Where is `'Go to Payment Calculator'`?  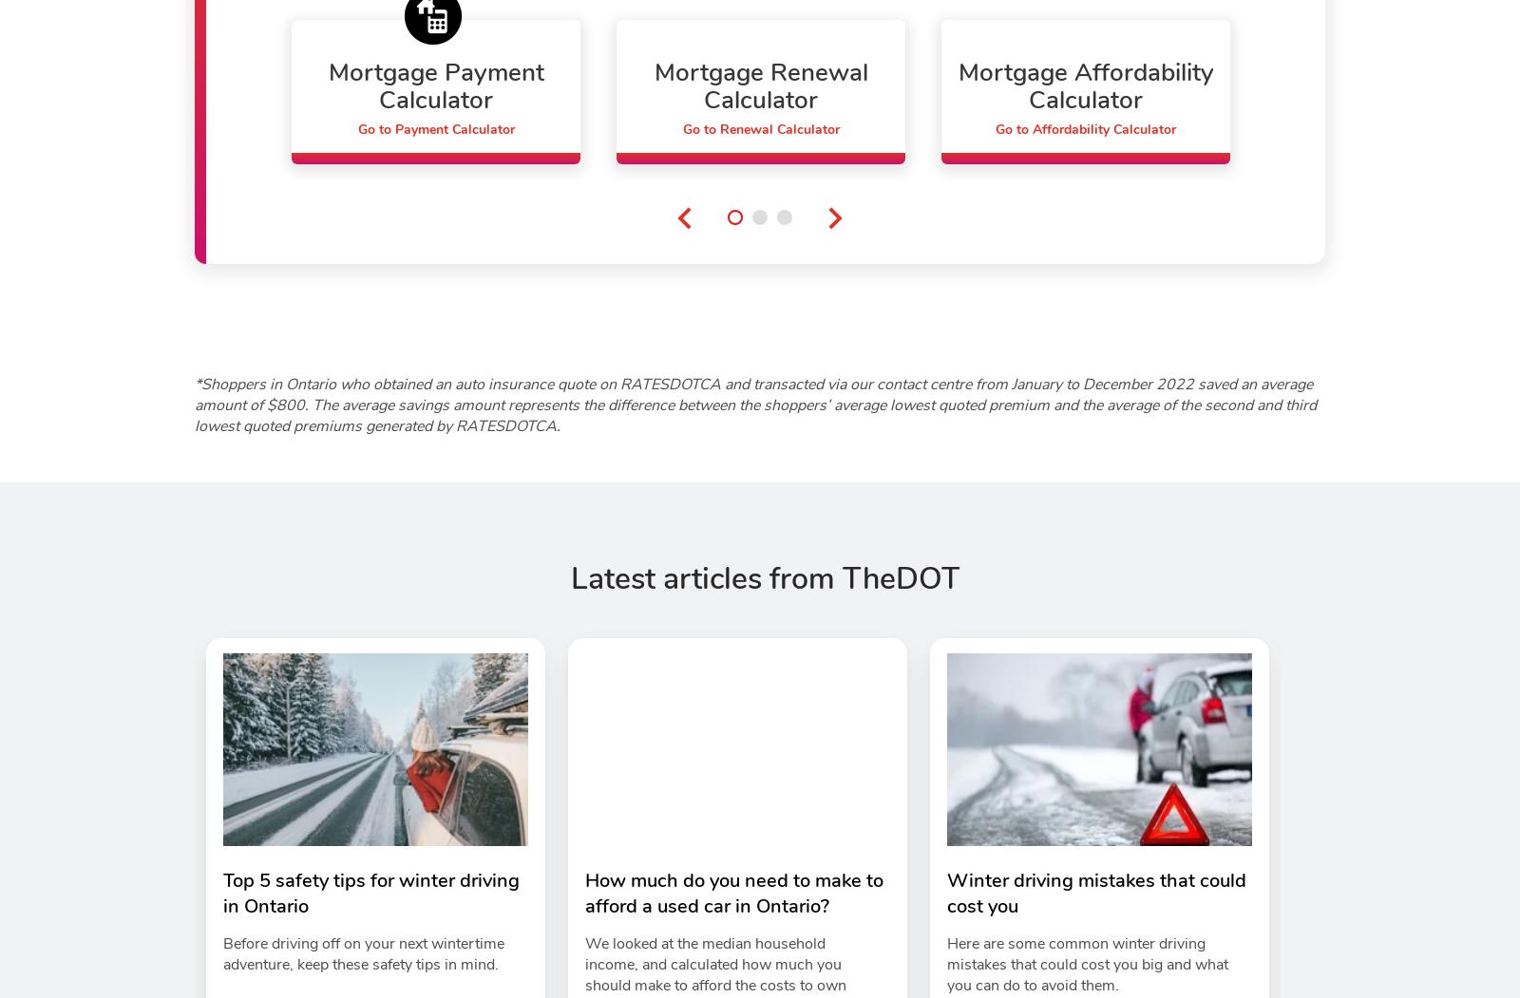 'Go to Payment Calculator' is located at coordinates (434, 128).